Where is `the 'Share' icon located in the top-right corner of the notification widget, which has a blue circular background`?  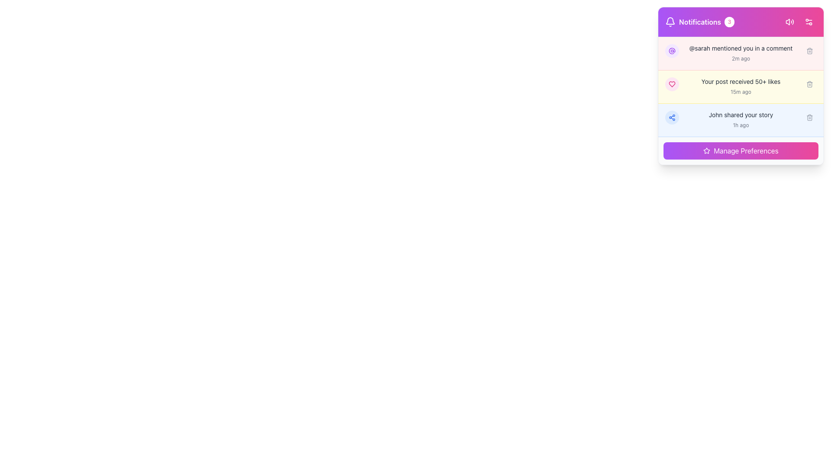 the 'Share' icon located in the top-right corner of the notification widget, which has a blue circular background is located at coordinates (672, 118).